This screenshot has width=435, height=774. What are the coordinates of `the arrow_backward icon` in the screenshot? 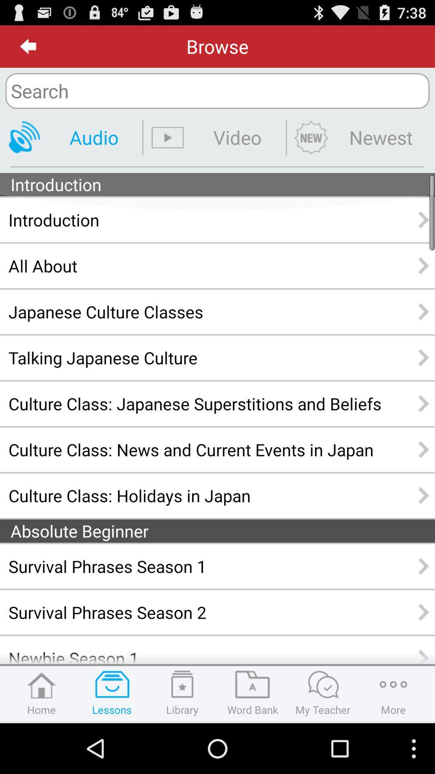 It's located at (28, 49).